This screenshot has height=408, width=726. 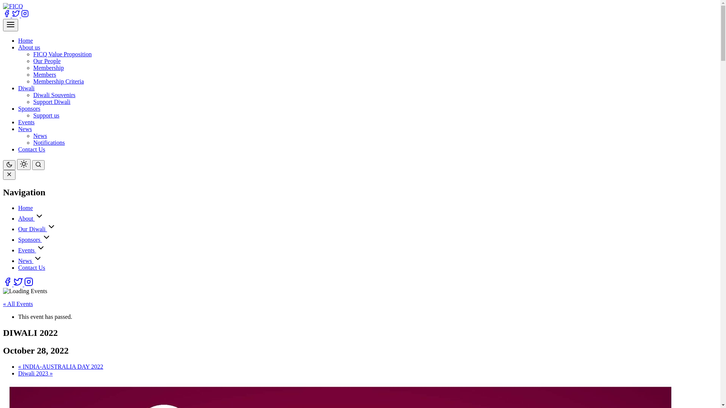 I want to click on 'News', so click(x=25, y=260).